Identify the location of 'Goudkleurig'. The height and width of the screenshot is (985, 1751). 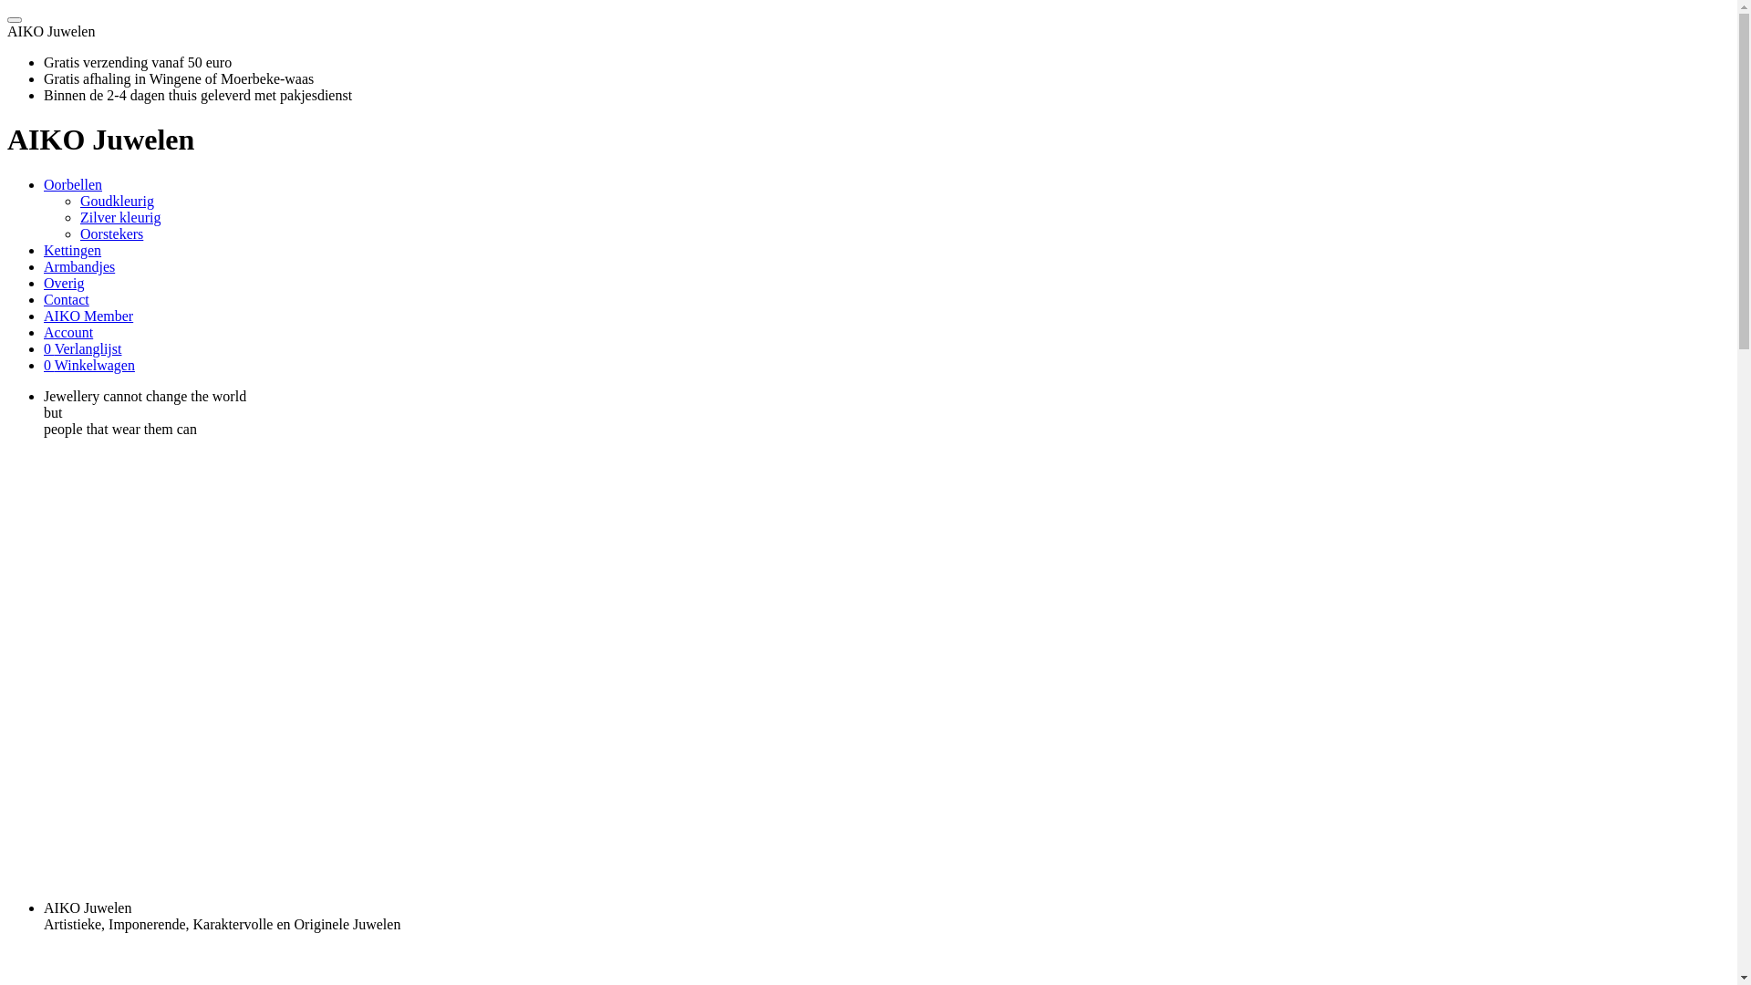
(78, 201).